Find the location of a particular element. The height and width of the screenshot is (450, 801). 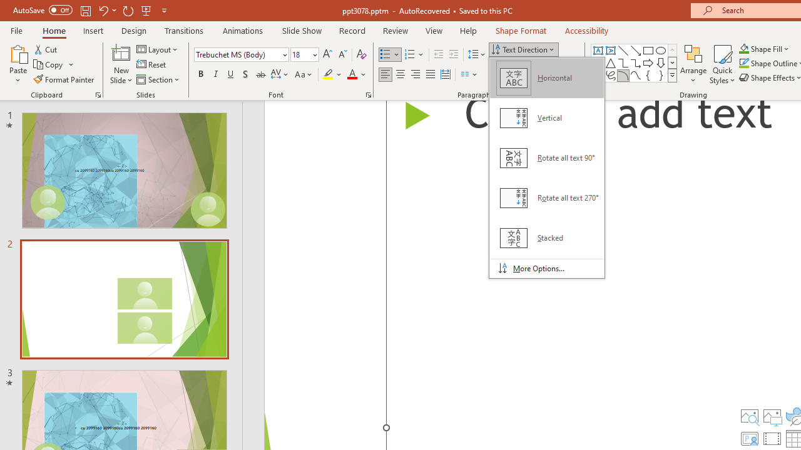

'Insert Cameo' is located at coordinates (749, 438).